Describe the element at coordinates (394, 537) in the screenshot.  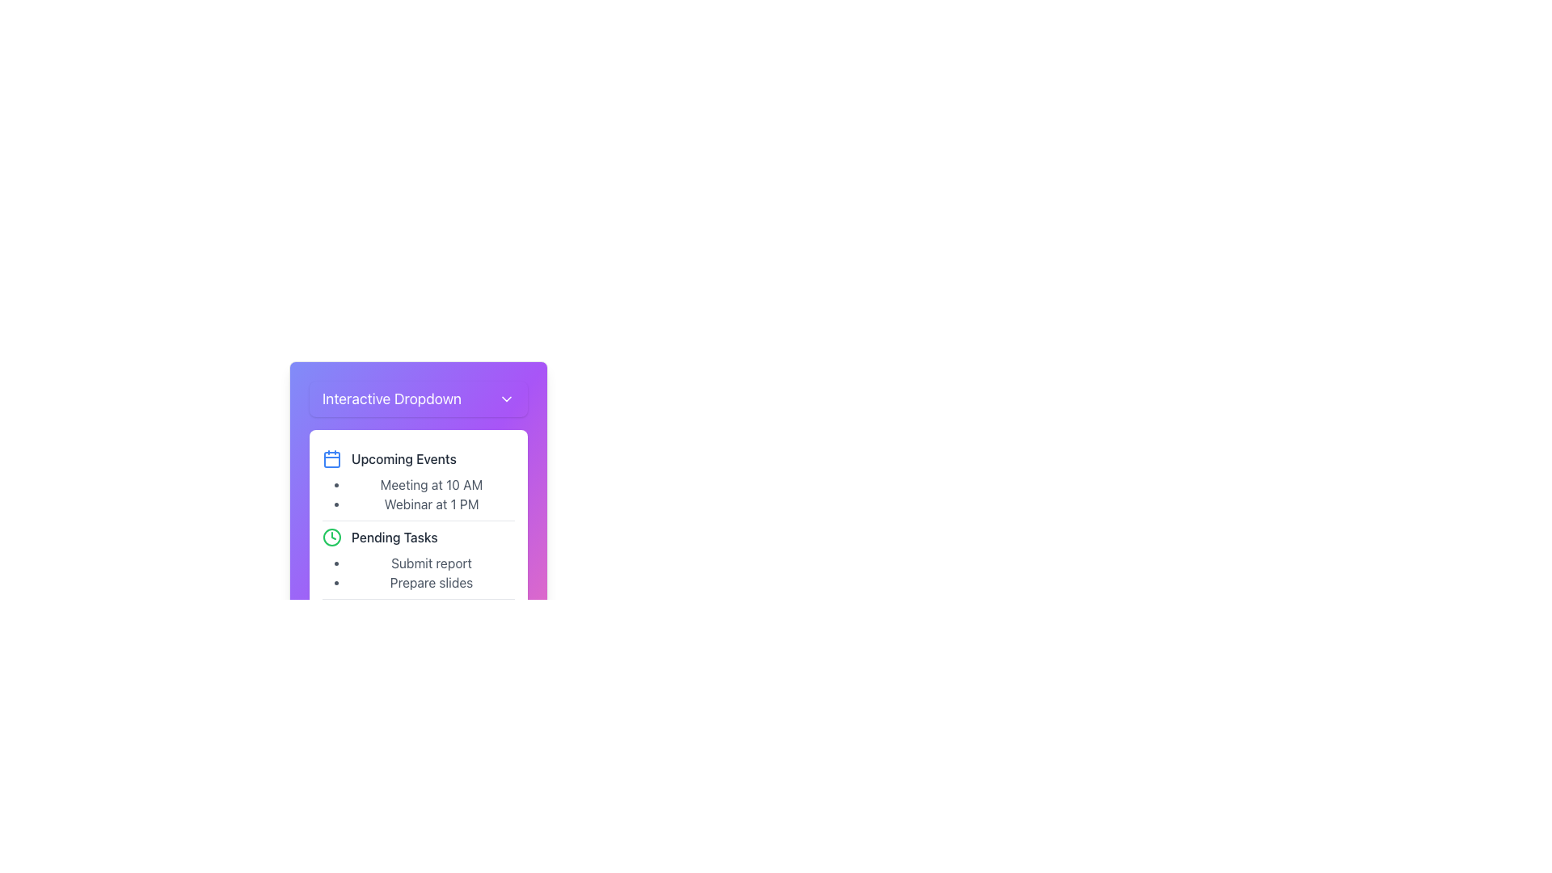
I see `text from the 'Pending Tasks' label, which is the second major item in the list of categories, positioned below 'Upcoming Events'` at that location.